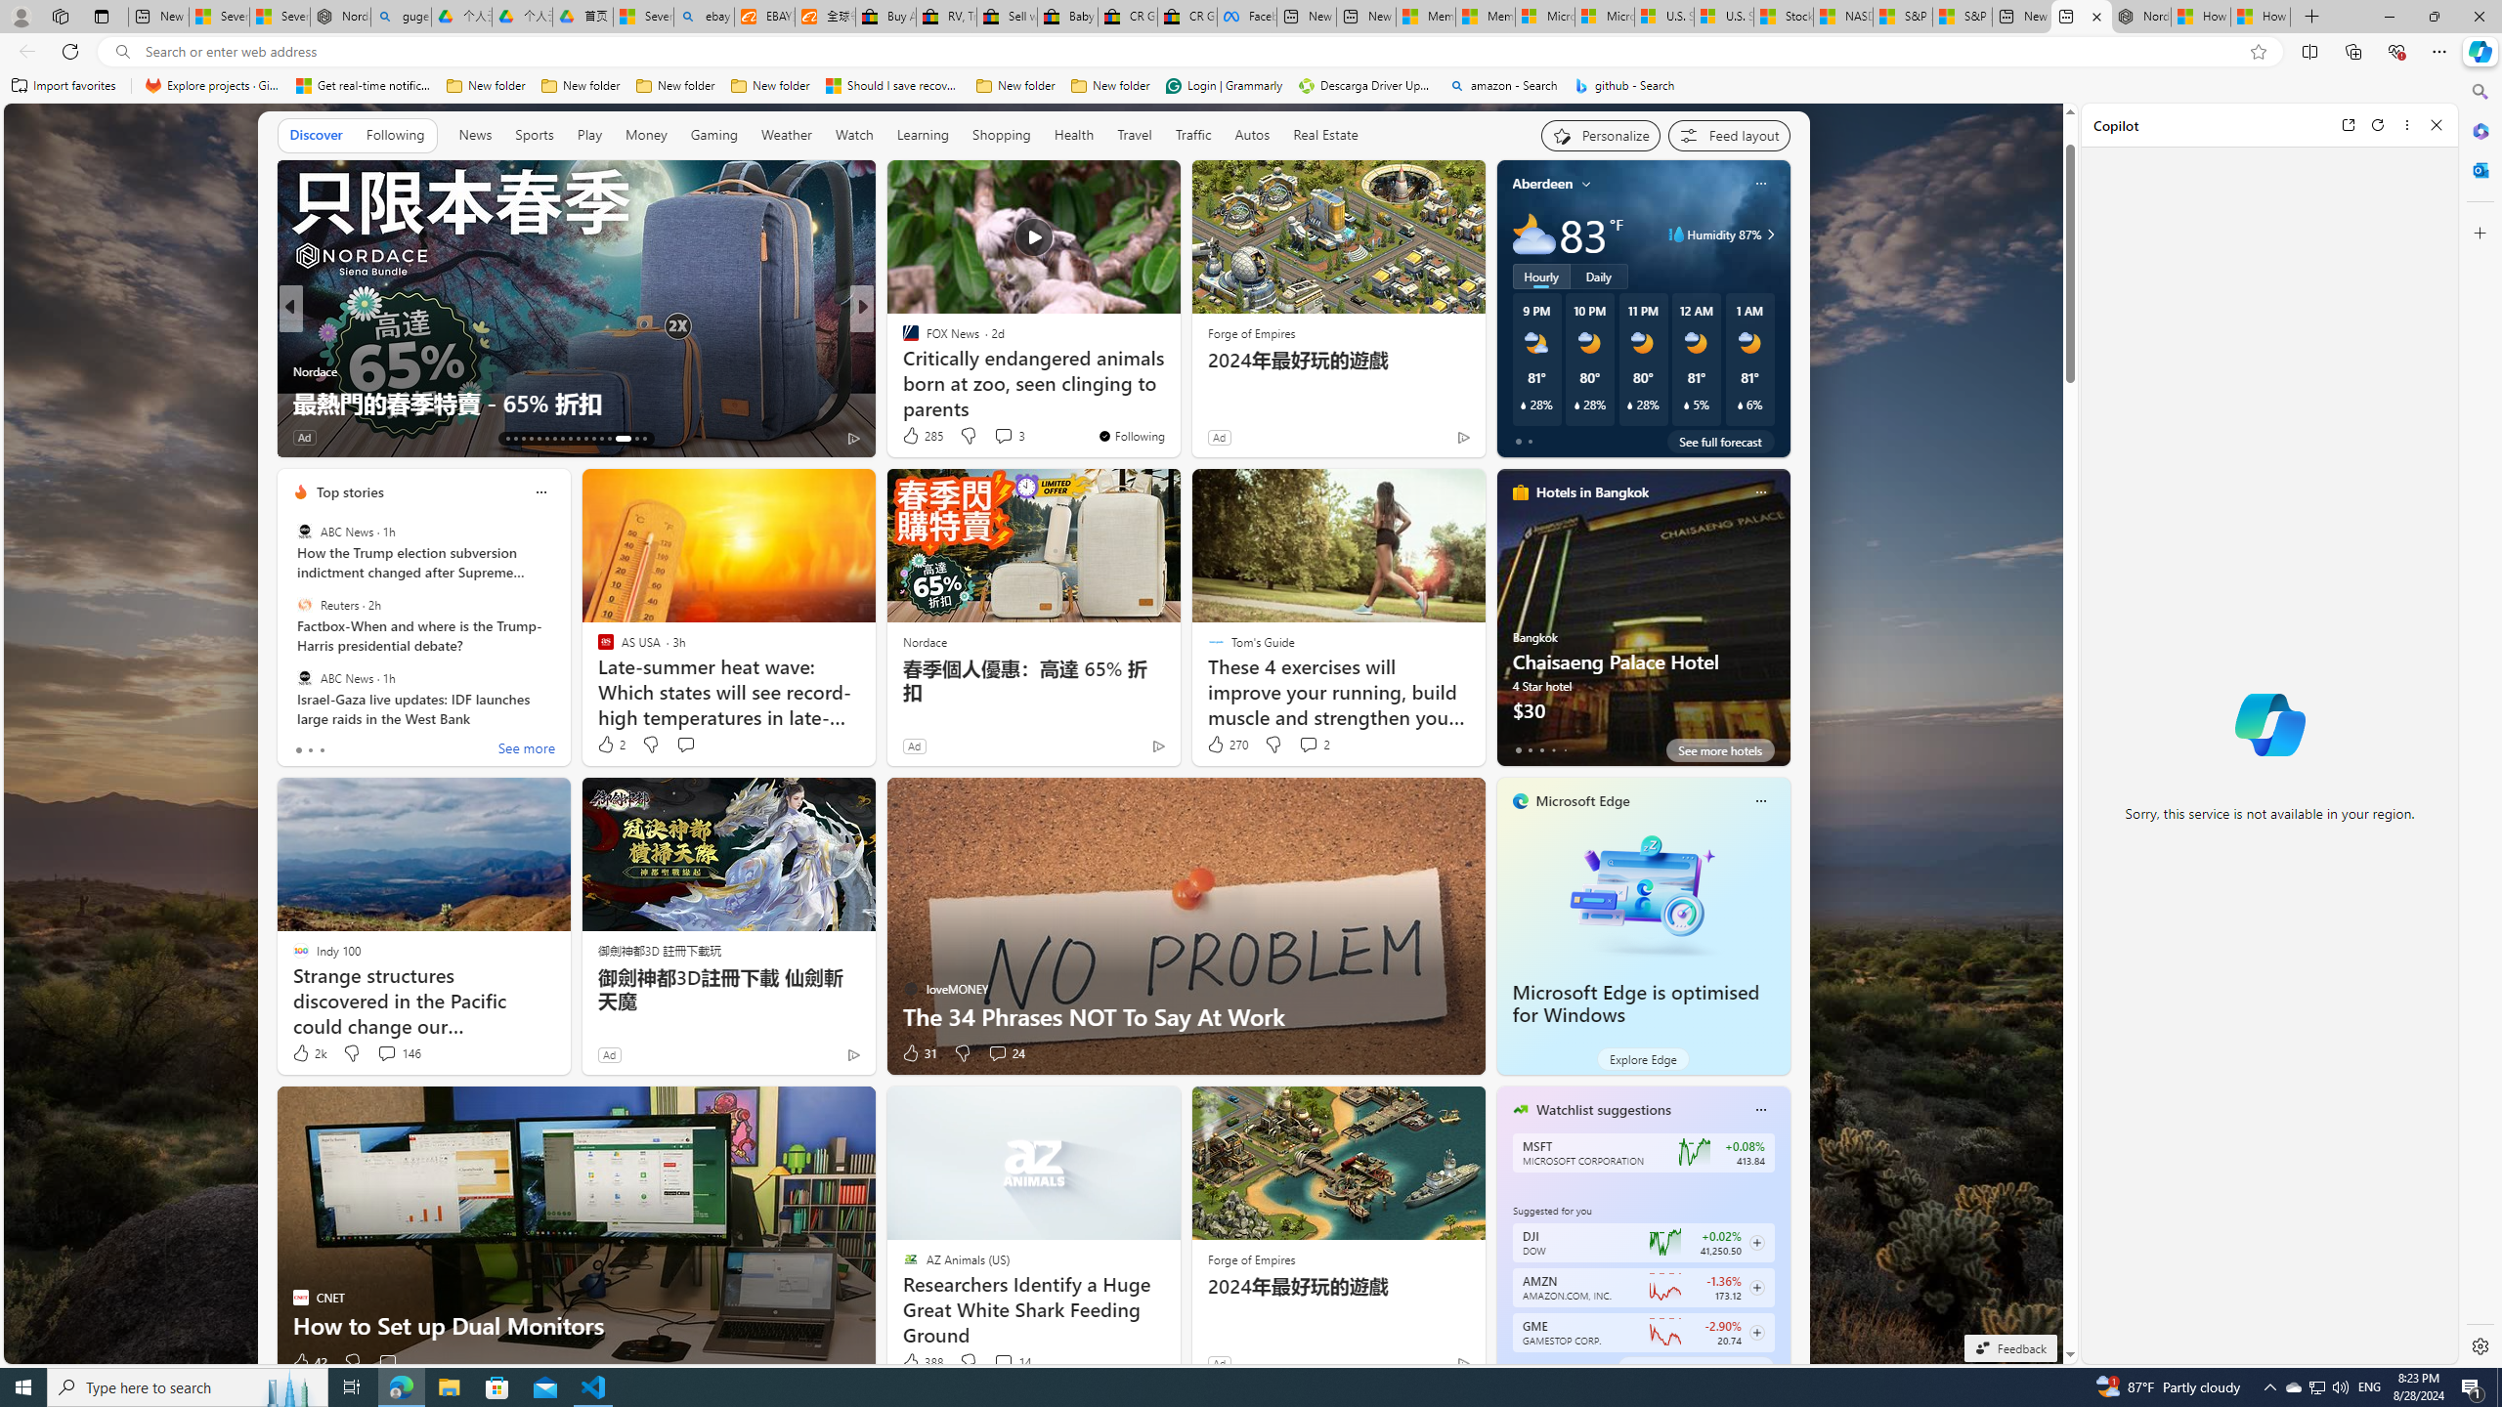 This screenshot has width=2502, height=1407. Describe the element at coordinates (1131, 435) in the screenshot. I see `'You'` at that location.